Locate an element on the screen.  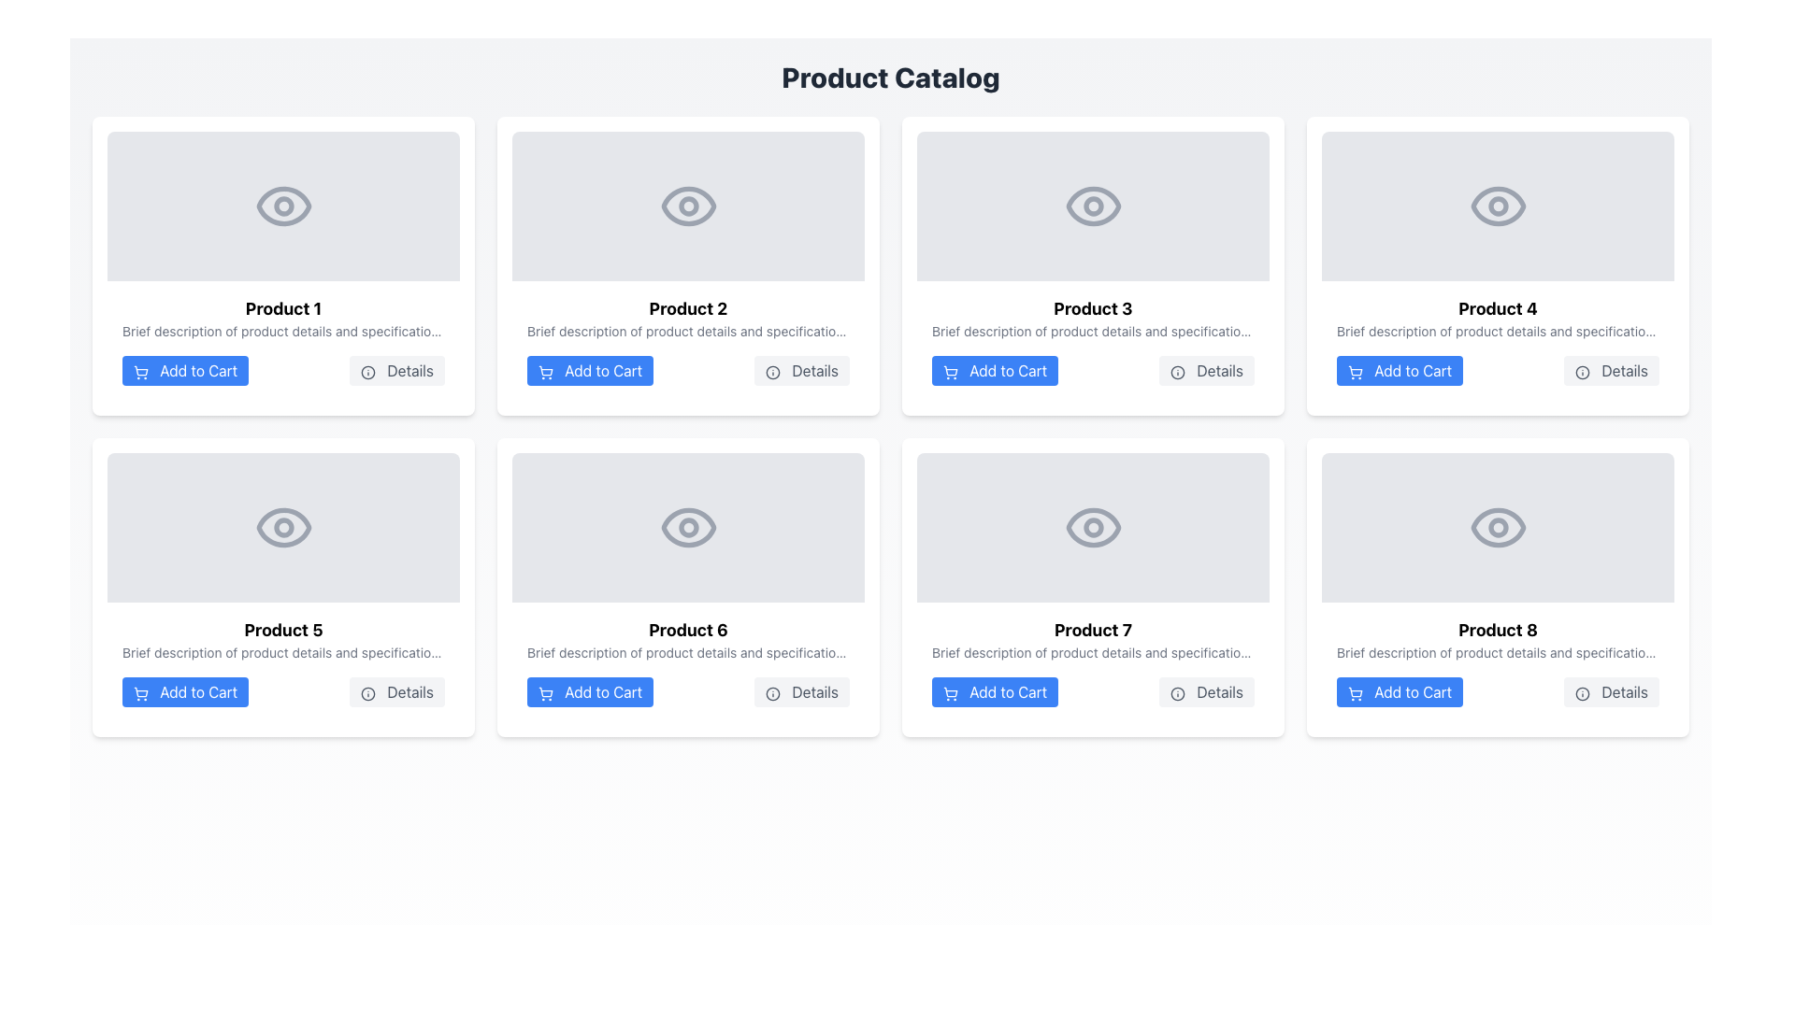
the 'Add to Cart' button with a blue background and white text, located in the bottom-left section of the 'Product 1' card is located at coordinates (185, 371).